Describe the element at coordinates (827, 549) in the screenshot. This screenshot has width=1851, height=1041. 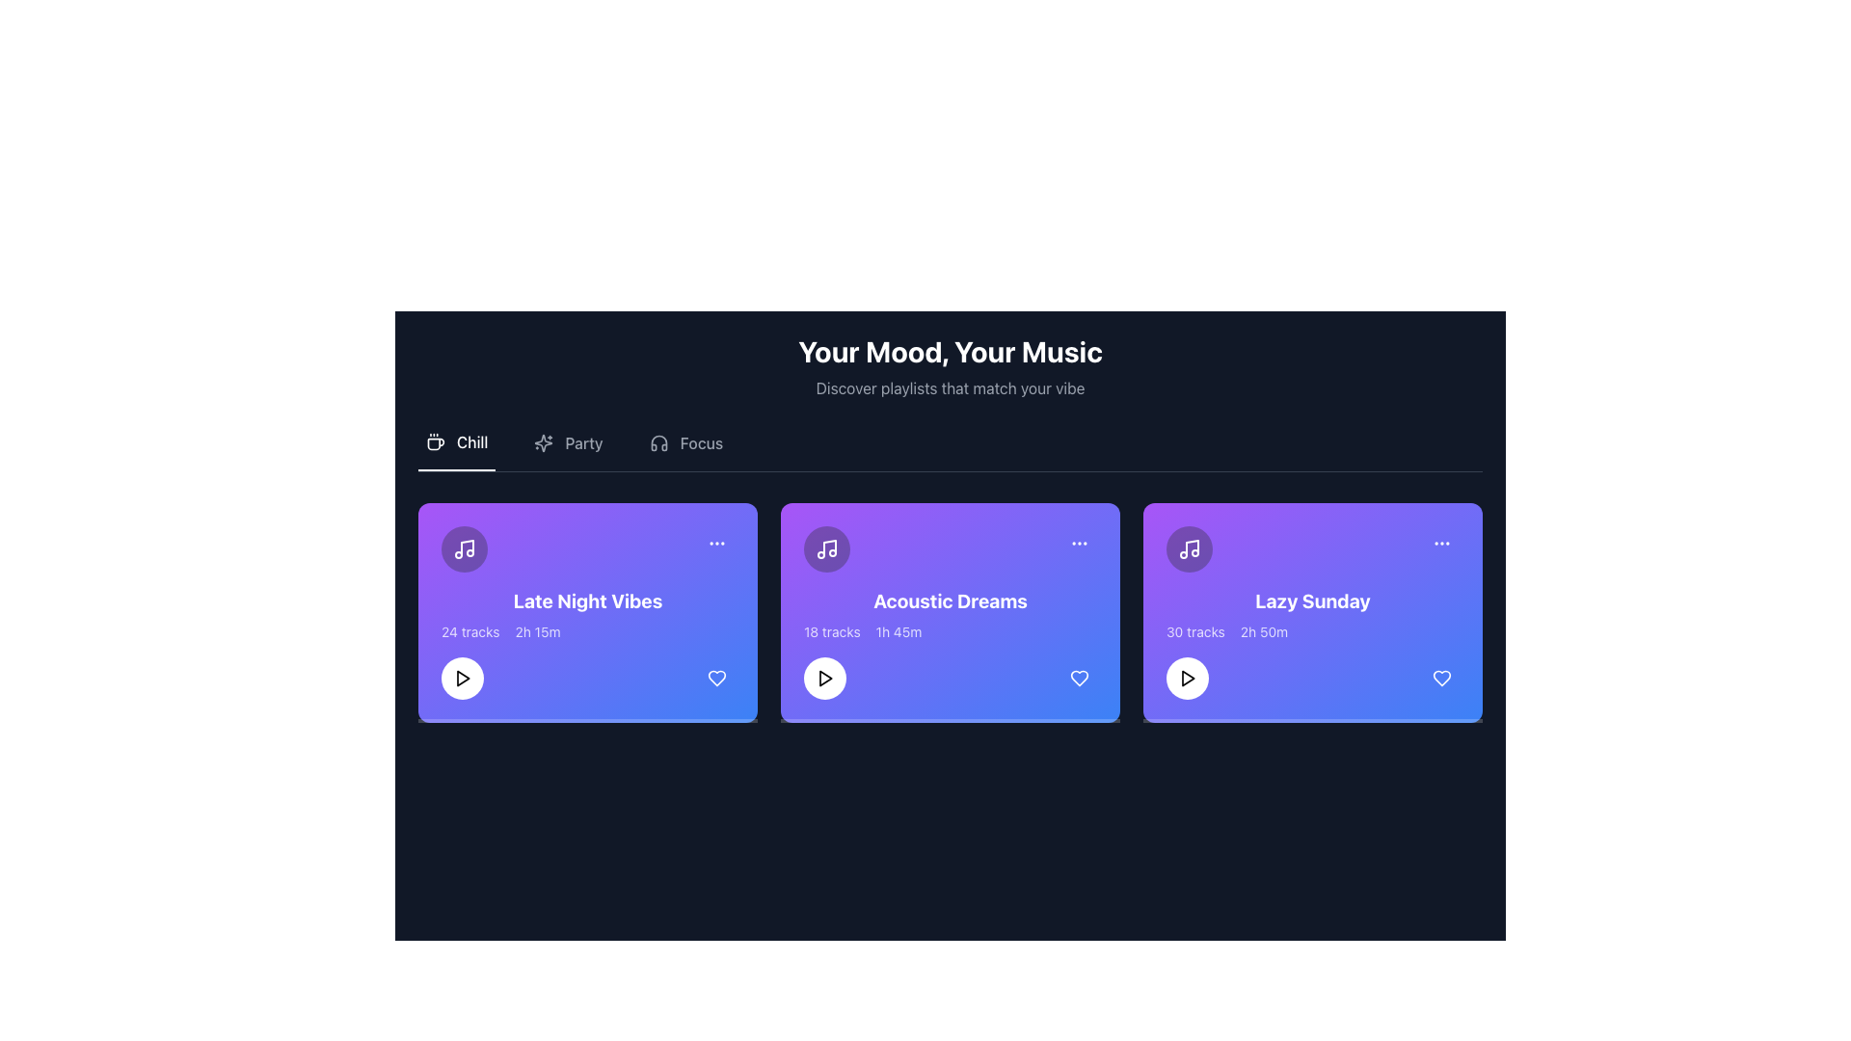
I see `the Decorative icon, which is a circular icon with a black semi-transparent background and a white musical note symbol, located at the top-left corner of the 'Acoustic Dreams' card` at that location.